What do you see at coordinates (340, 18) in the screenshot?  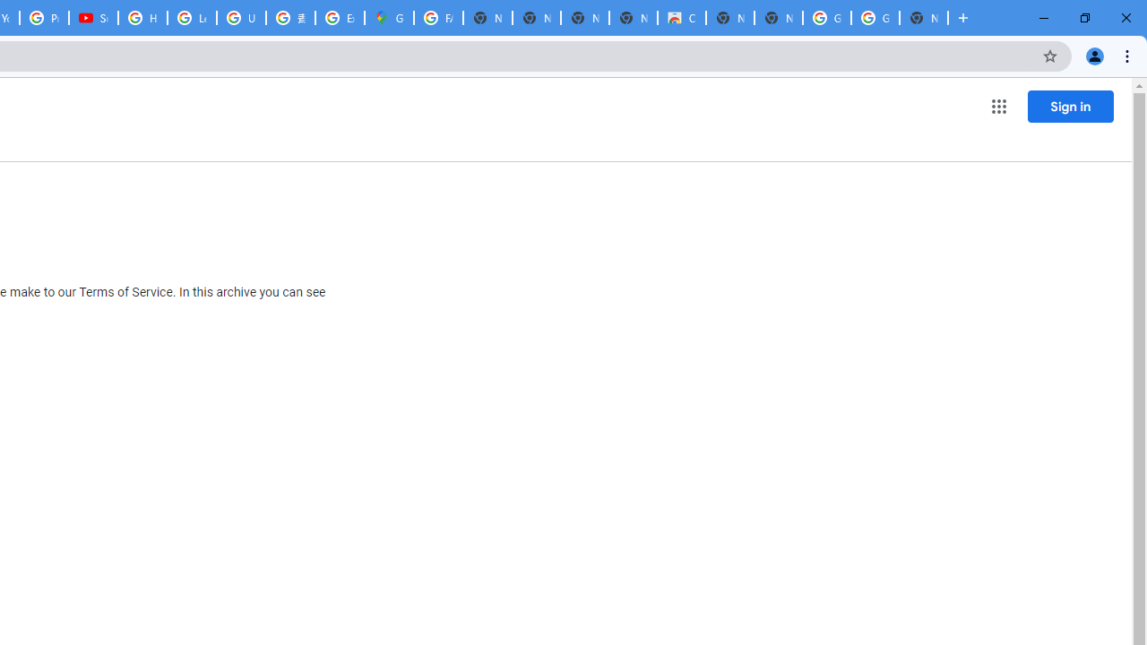 I see `'Explore new street-level details - Google Maps Help'` at bounding box center [340, 18].